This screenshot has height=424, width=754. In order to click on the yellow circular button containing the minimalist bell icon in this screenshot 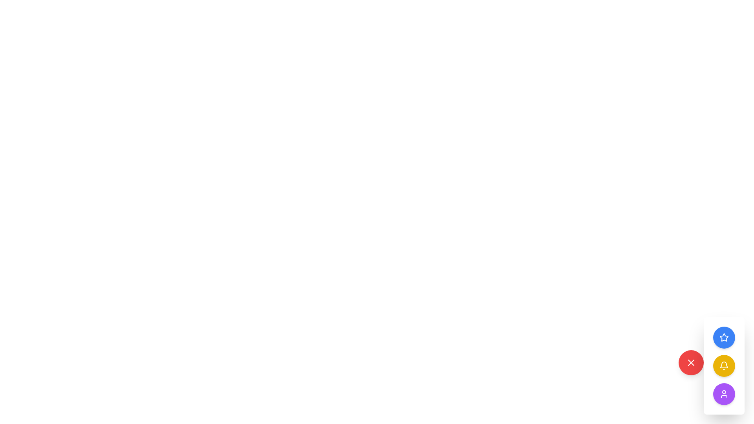, I will do `click(723, 366)`.